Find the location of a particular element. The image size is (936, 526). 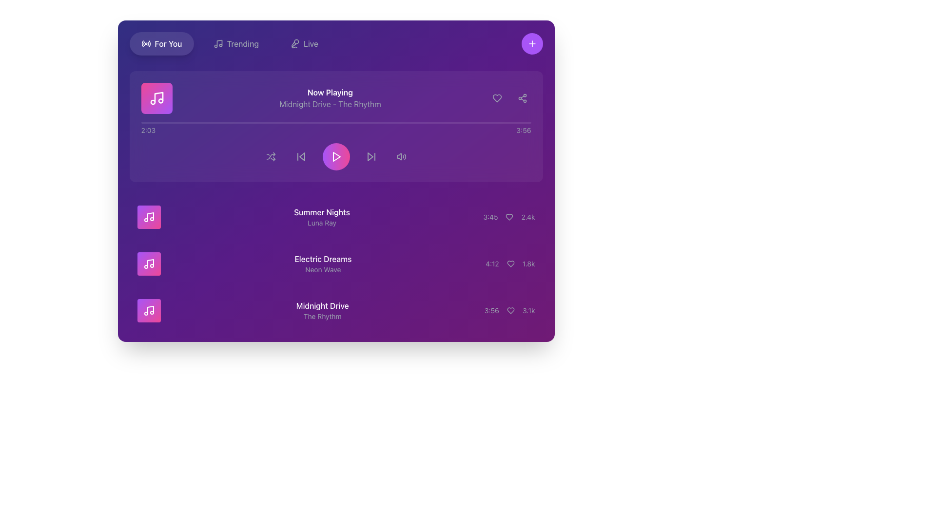

the circular purple button containing a white-plus symbol located in the top-right corner of the main interface is located at coordinates (531, 43).